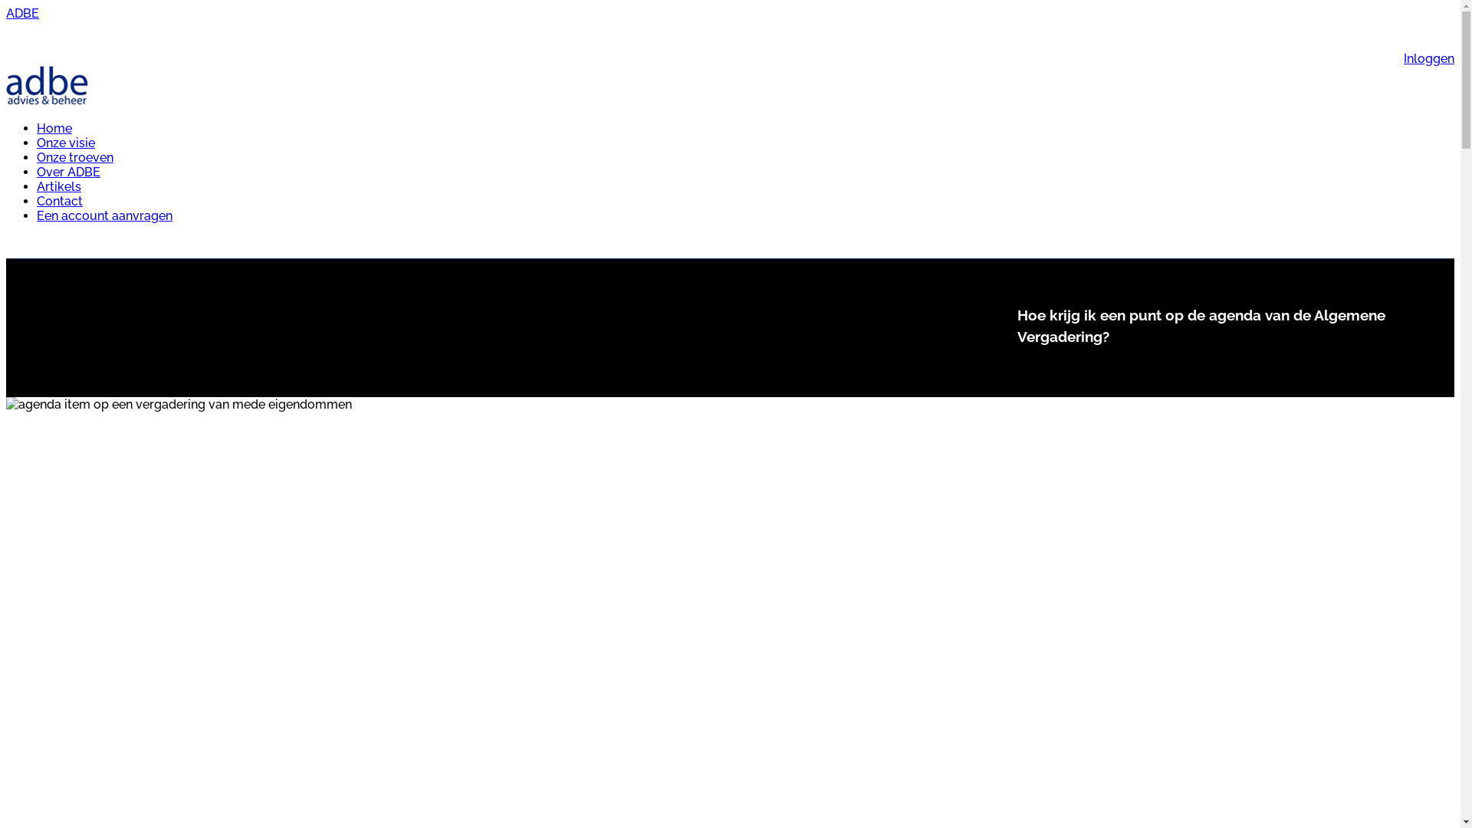  I want to click on 'Onze visie', so click(65, 143).